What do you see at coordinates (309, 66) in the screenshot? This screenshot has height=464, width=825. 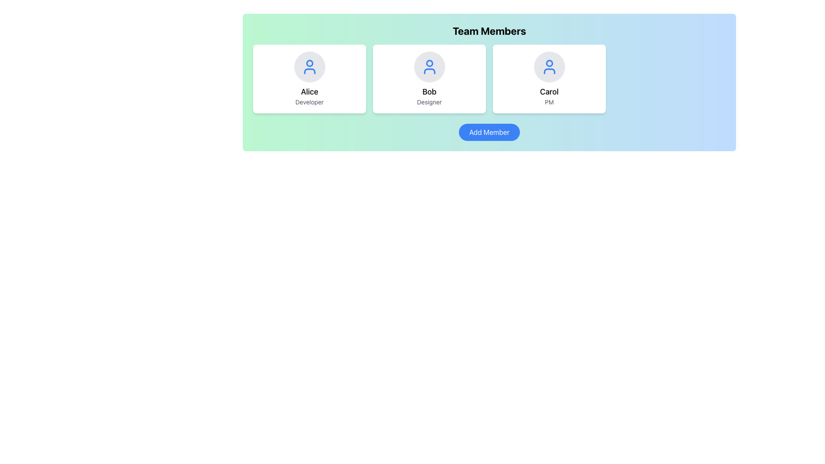 I see `the circular user icon with a gray background and blue user symbol, located above the name 'Alice' in her profile card` at bounding box center [309, 66].